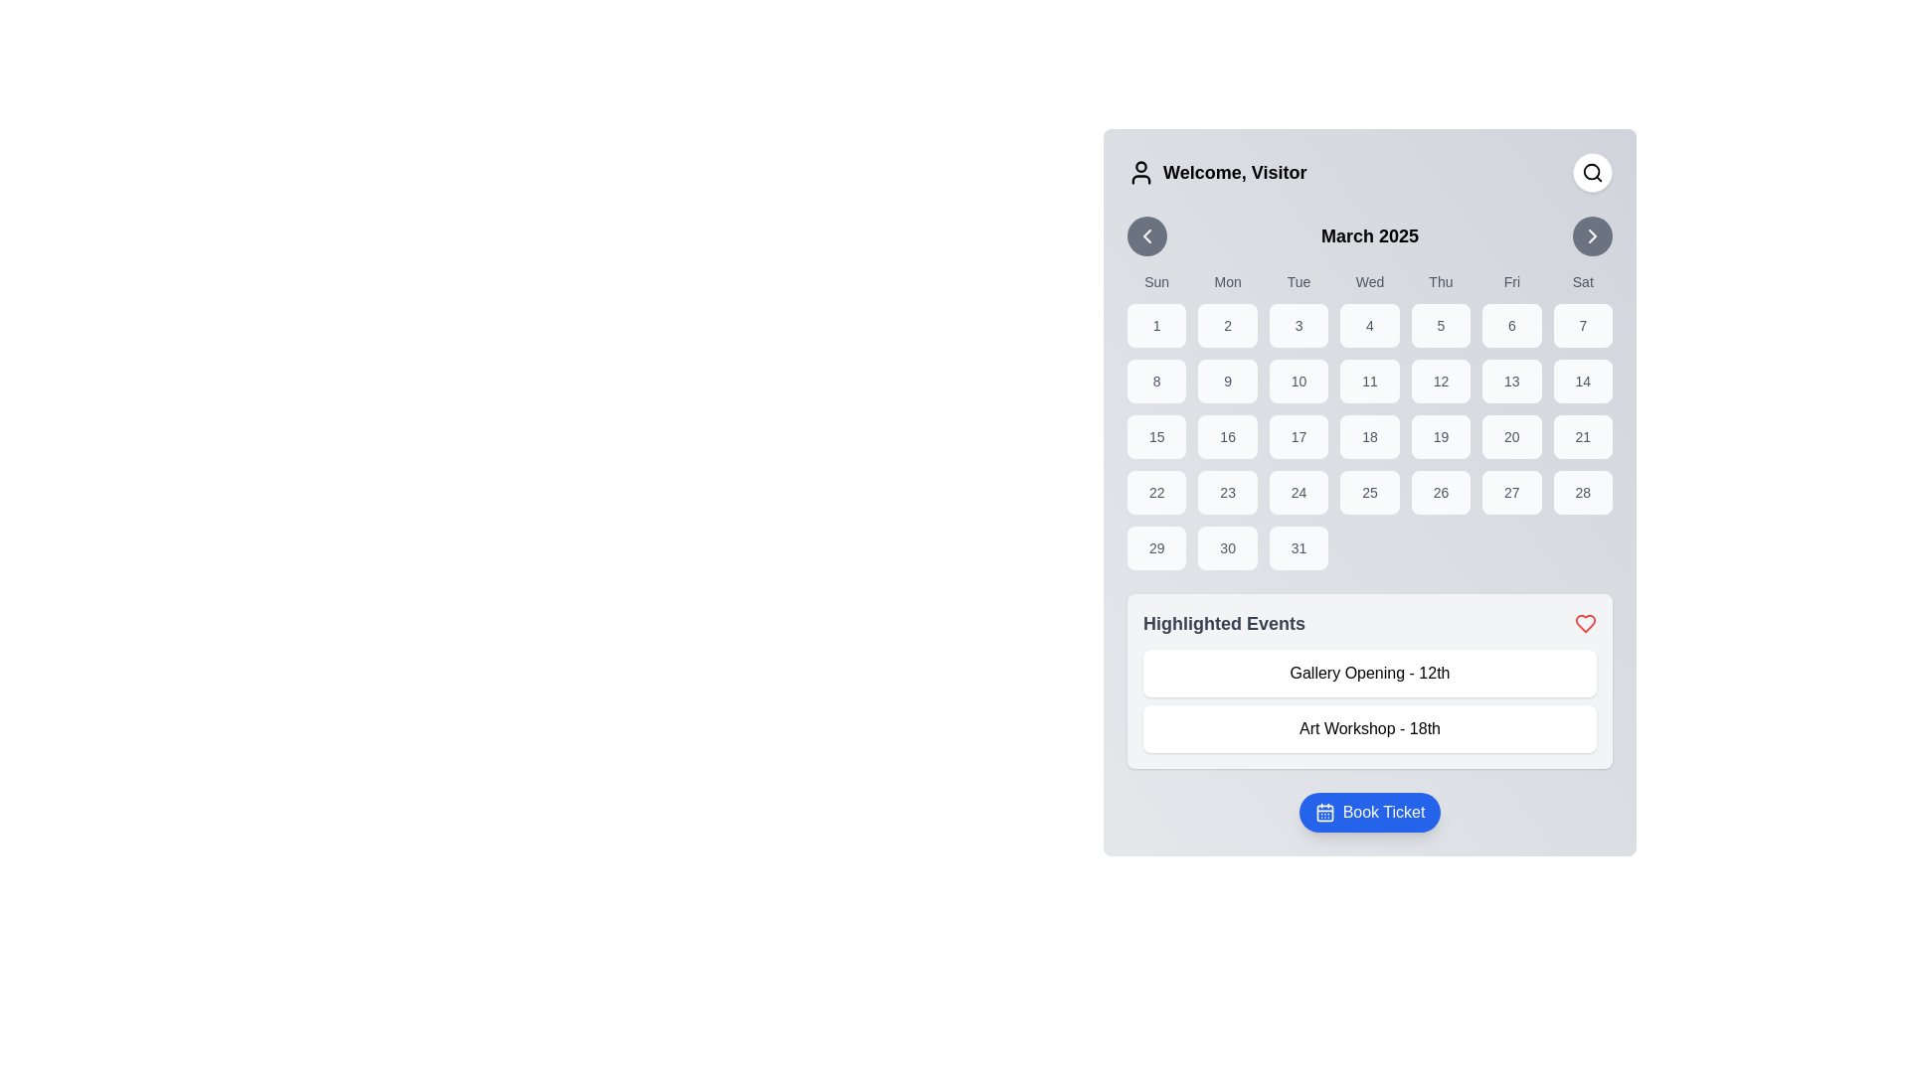 The height and width of the screenshot is (1073, 1909). Describe the element at coordinates (1582, 324) in the screenshot. I see `the Text Display within the Interactive Calendar Cell that contains the number '7', which is styled with a light gray background and a rounded border` at that location.